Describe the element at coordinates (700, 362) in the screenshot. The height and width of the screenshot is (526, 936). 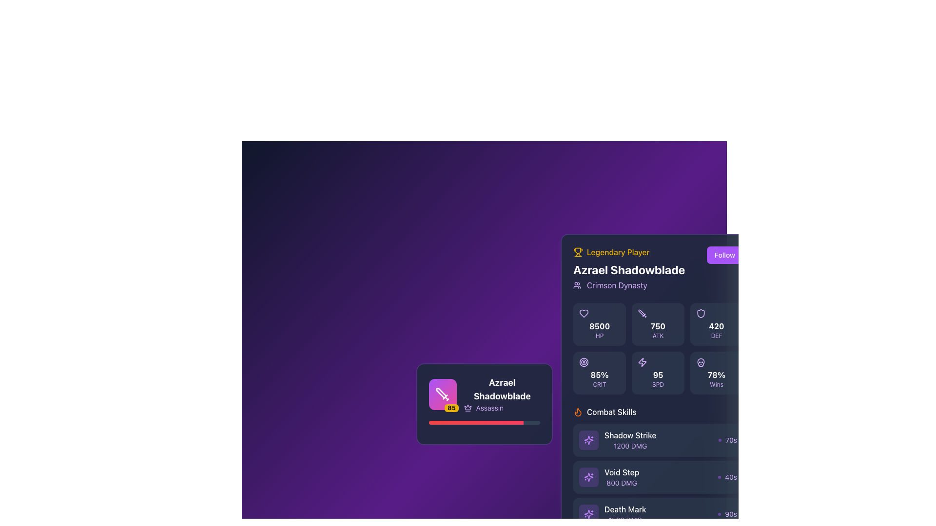
I see `the bottom-right icon in the grid of stat indicators` at that location.